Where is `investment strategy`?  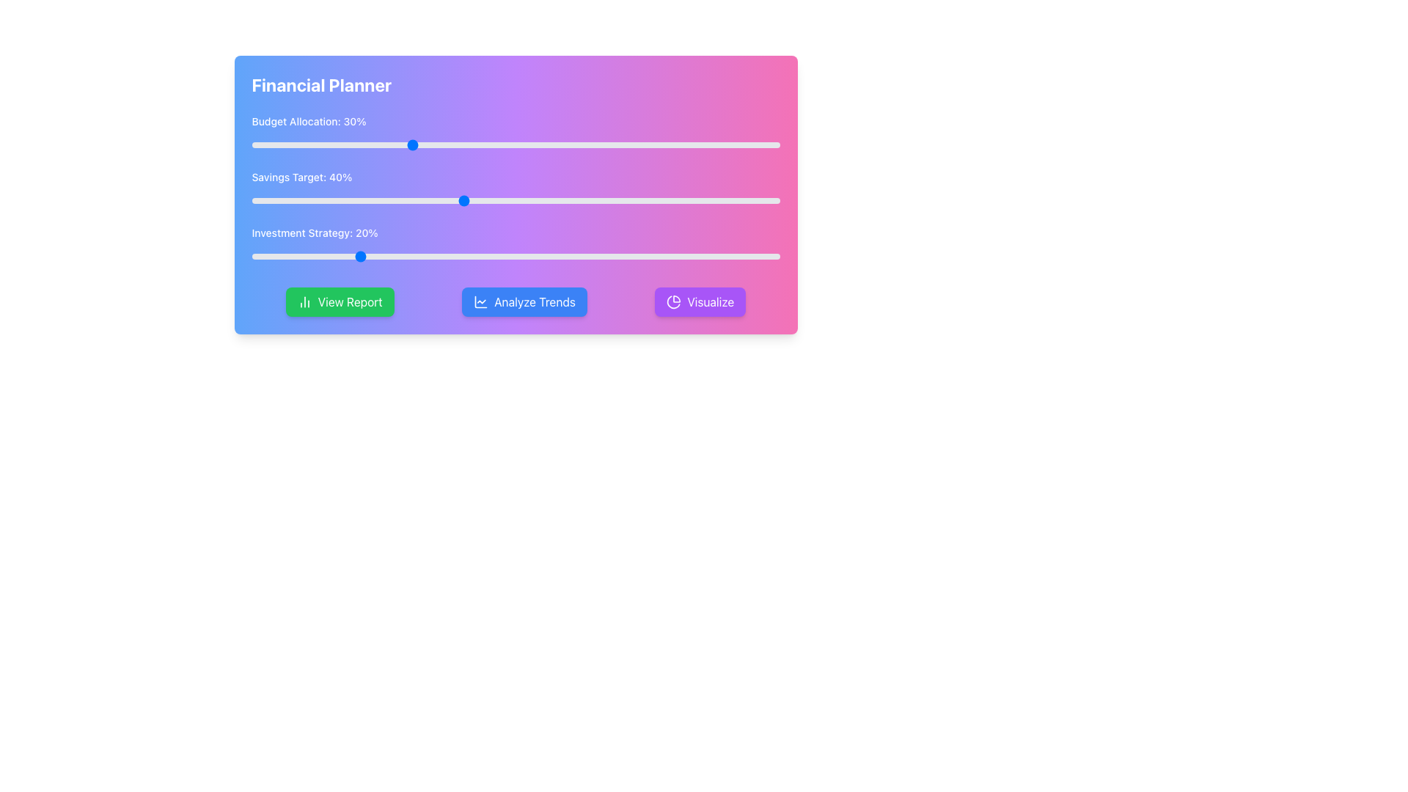 investment strategy is located at coordinates (711, 256).